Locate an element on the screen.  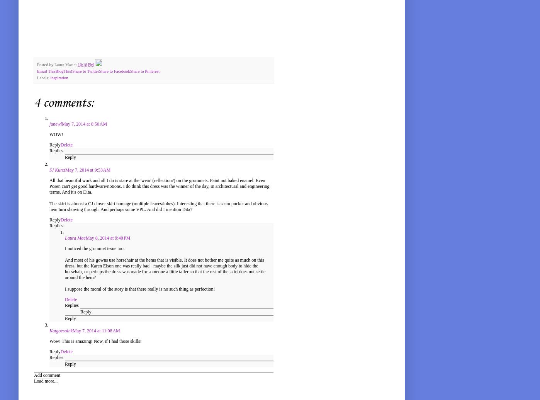
'Load more...' is located at coordinates (46, 381).